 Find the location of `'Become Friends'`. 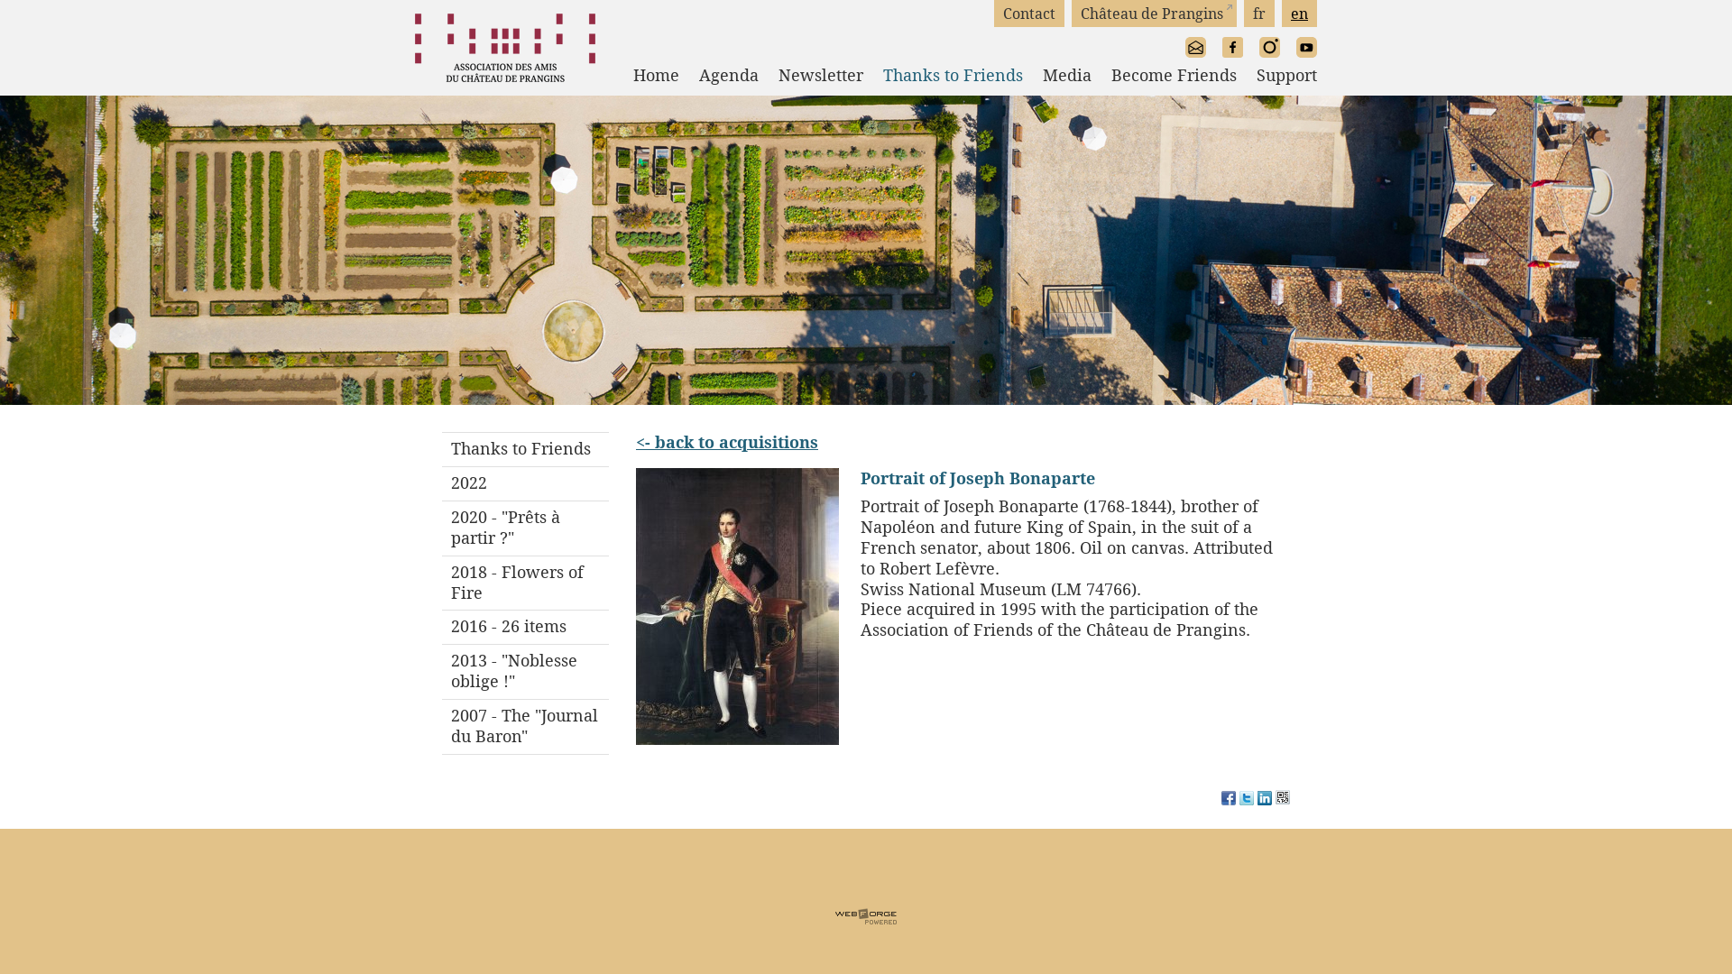

'Become Friends' is located at coordinates (1090, 75).